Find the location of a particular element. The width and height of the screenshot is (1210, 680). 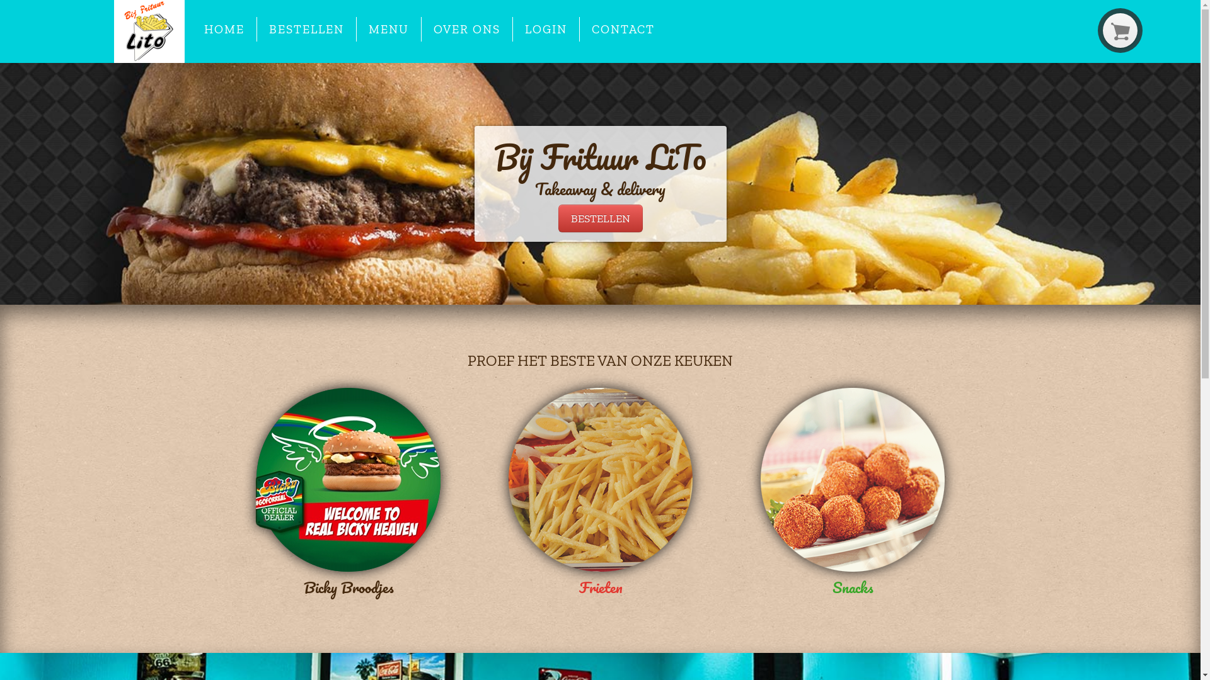

'Snacks' is located at coordinates (852, 494).